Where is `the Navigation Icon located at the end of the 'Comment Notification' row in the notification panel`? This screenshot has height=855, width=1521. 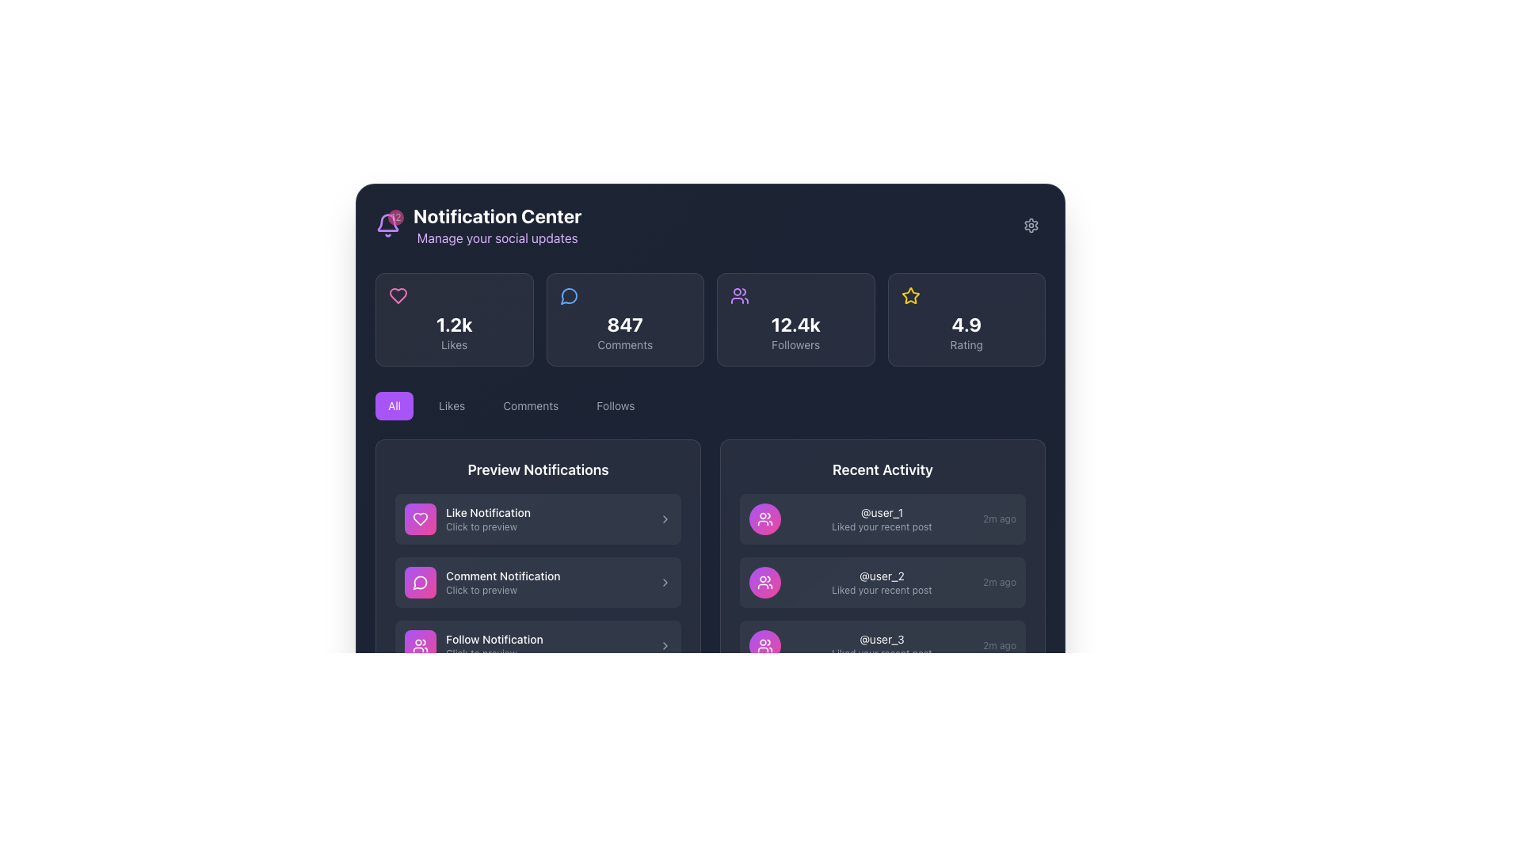 the Navigation Icon located at the end of the 'Comment Notification' row in the notification panel is located at coordinates (665, 583).